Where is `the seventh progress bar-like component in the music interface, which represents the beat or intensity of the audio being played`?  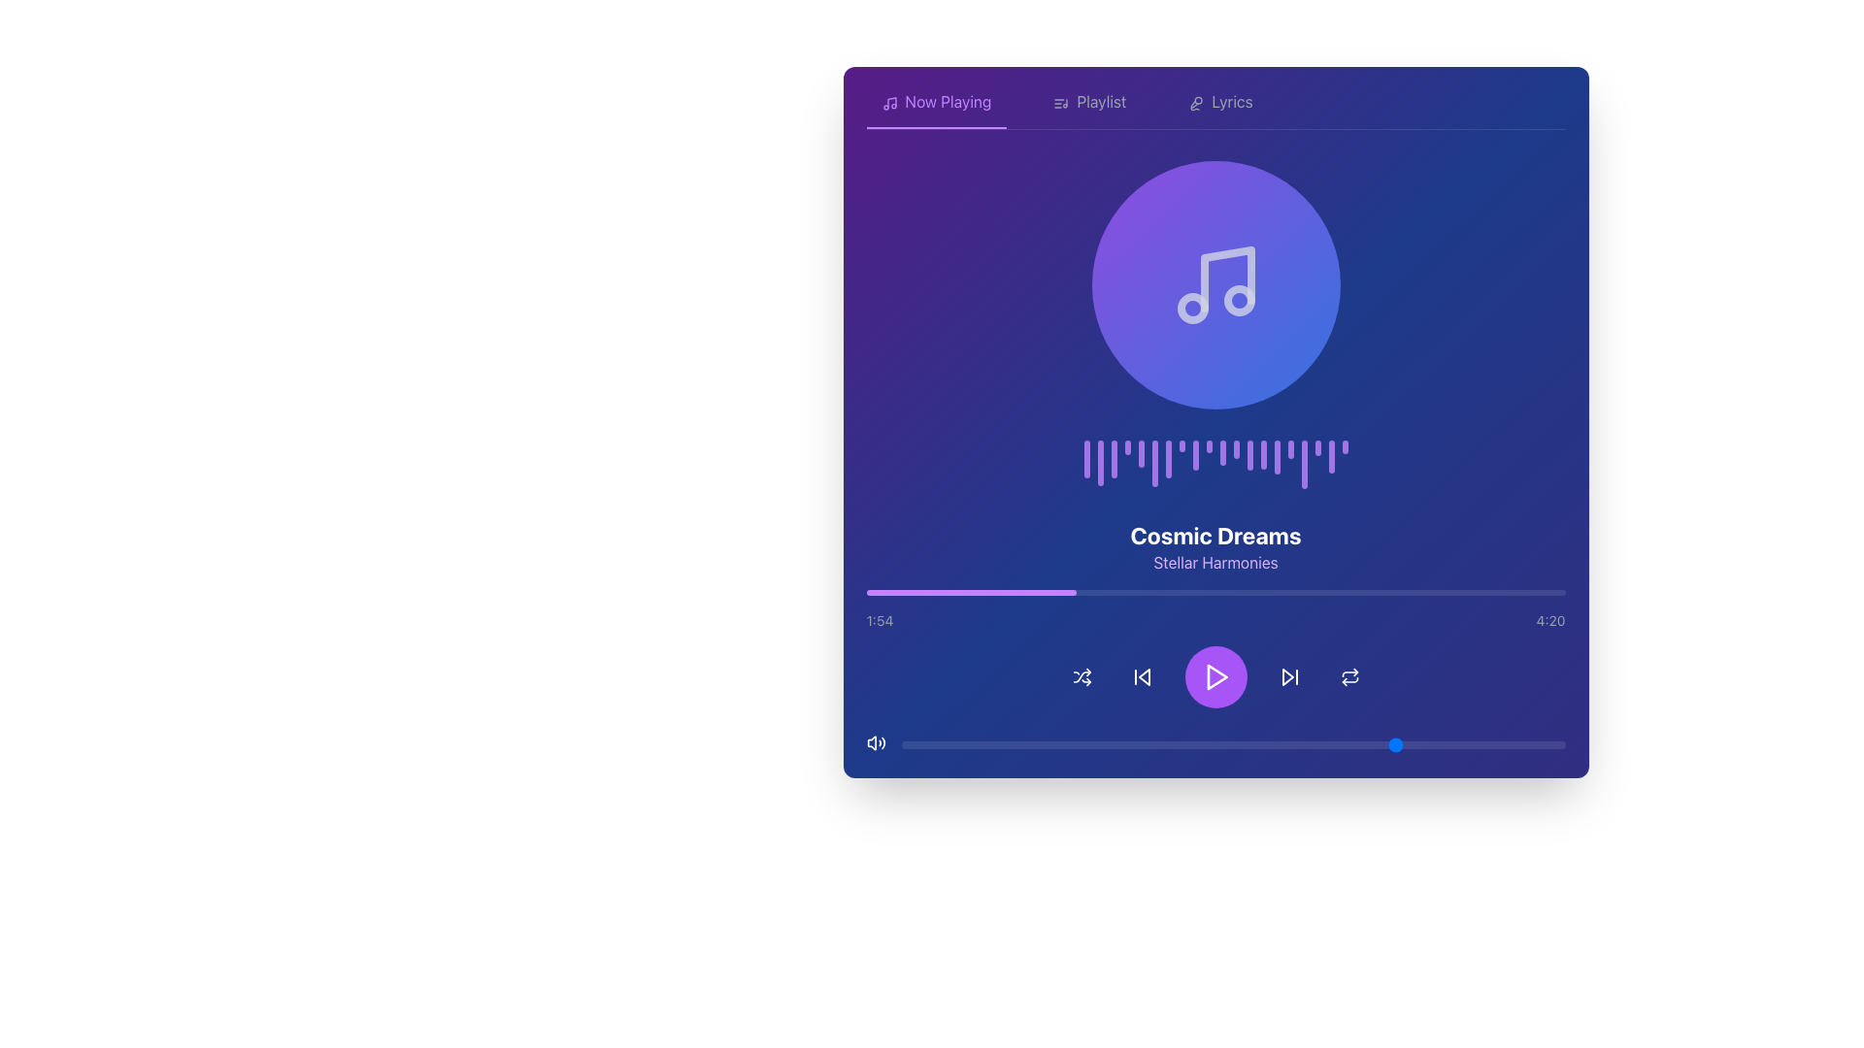 the seventh progress bar-like component in the music interface, which represents the beat or intensity of the audio being played is located at coordinates (1167, 459).